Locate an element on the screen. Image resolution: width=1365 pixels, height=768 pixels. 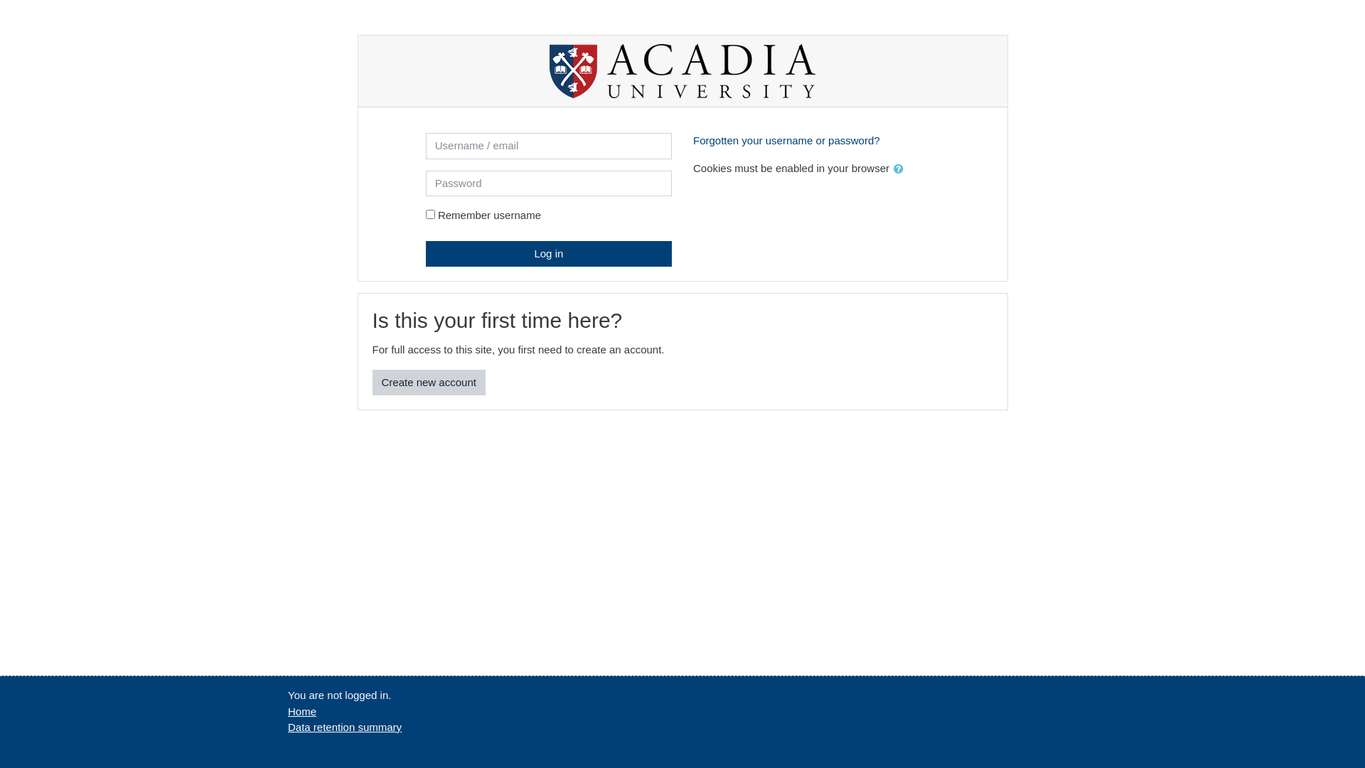
'Acadia University Placement Tests' is located at coordinates (682, 71).